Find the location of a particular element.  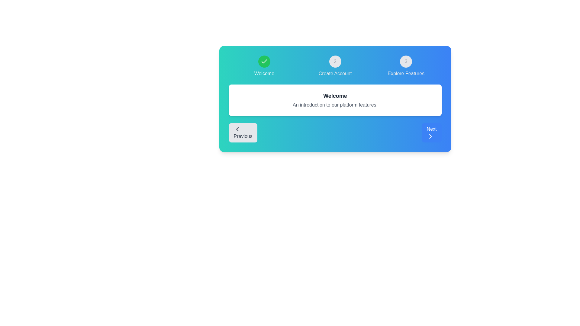

the step indicator for Explore Features is located at coordinates (406, 66).